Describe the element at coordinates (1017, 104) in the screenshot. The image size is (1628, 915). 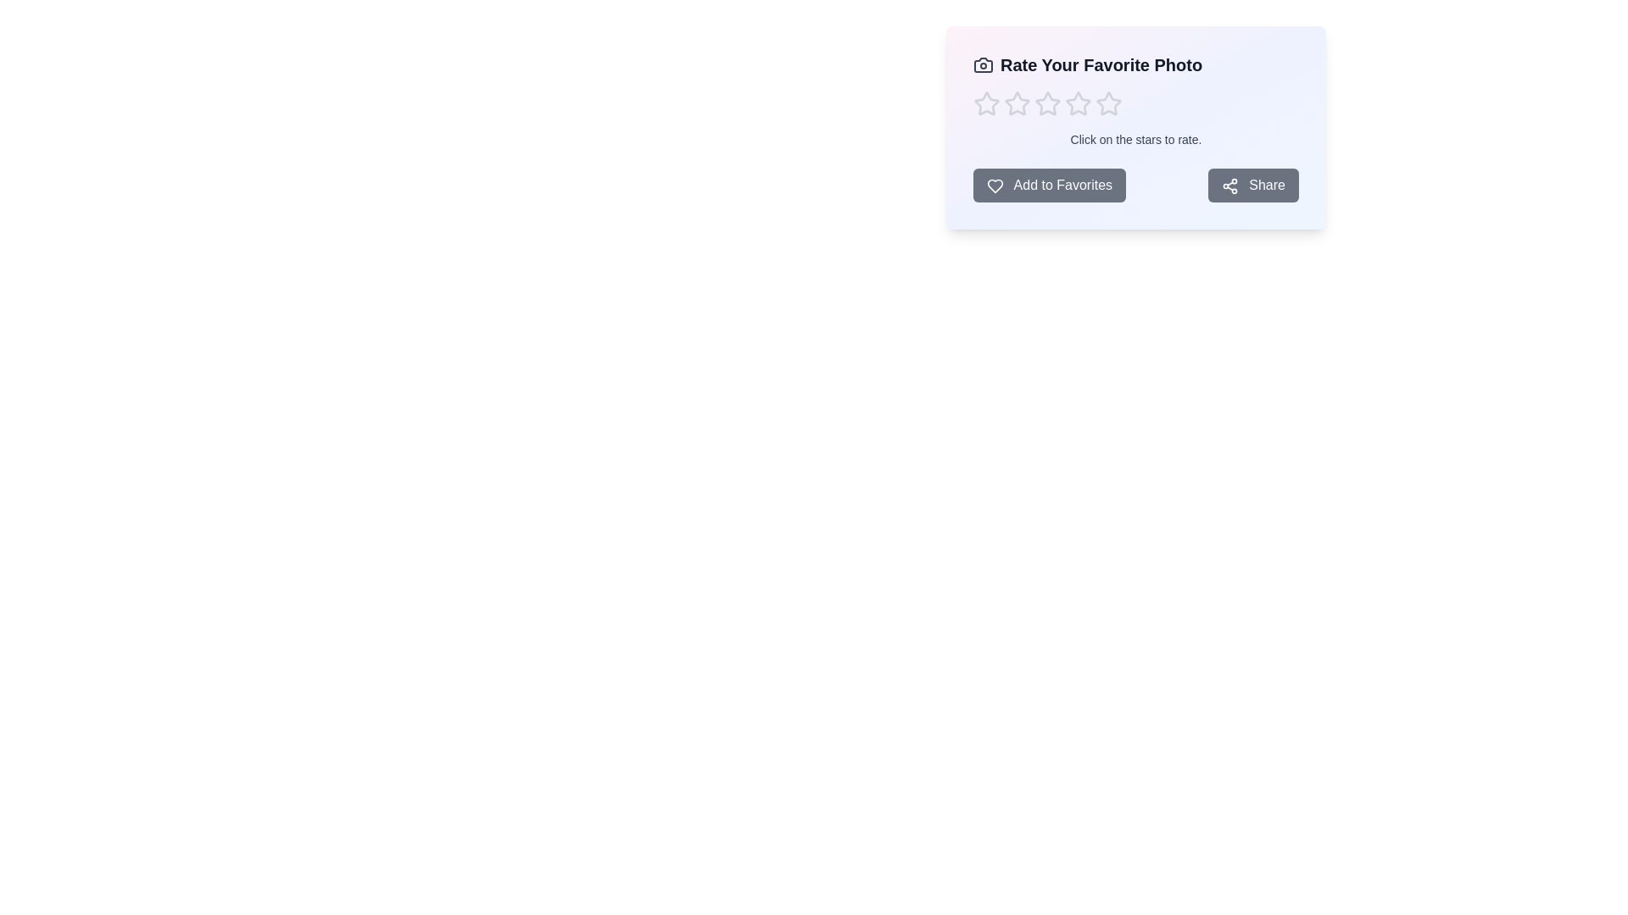
I see `the second star icon in the horizontally aligned group of five stars` at that location.